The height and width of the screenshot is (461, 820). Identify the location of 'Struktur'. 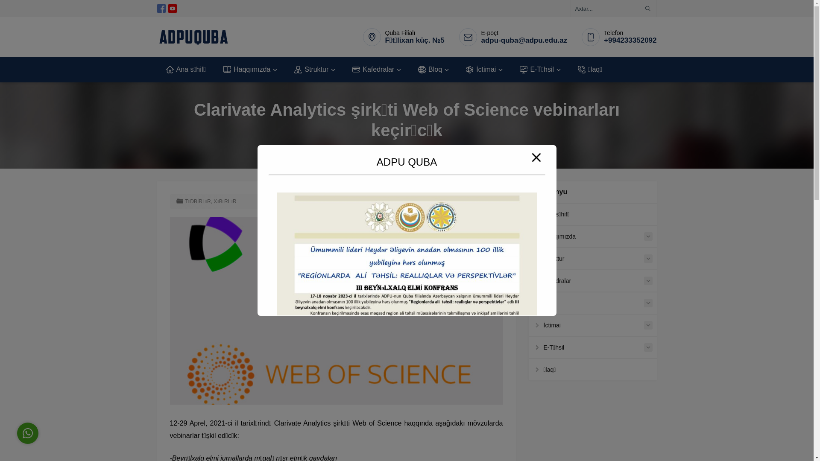
(592, 258).